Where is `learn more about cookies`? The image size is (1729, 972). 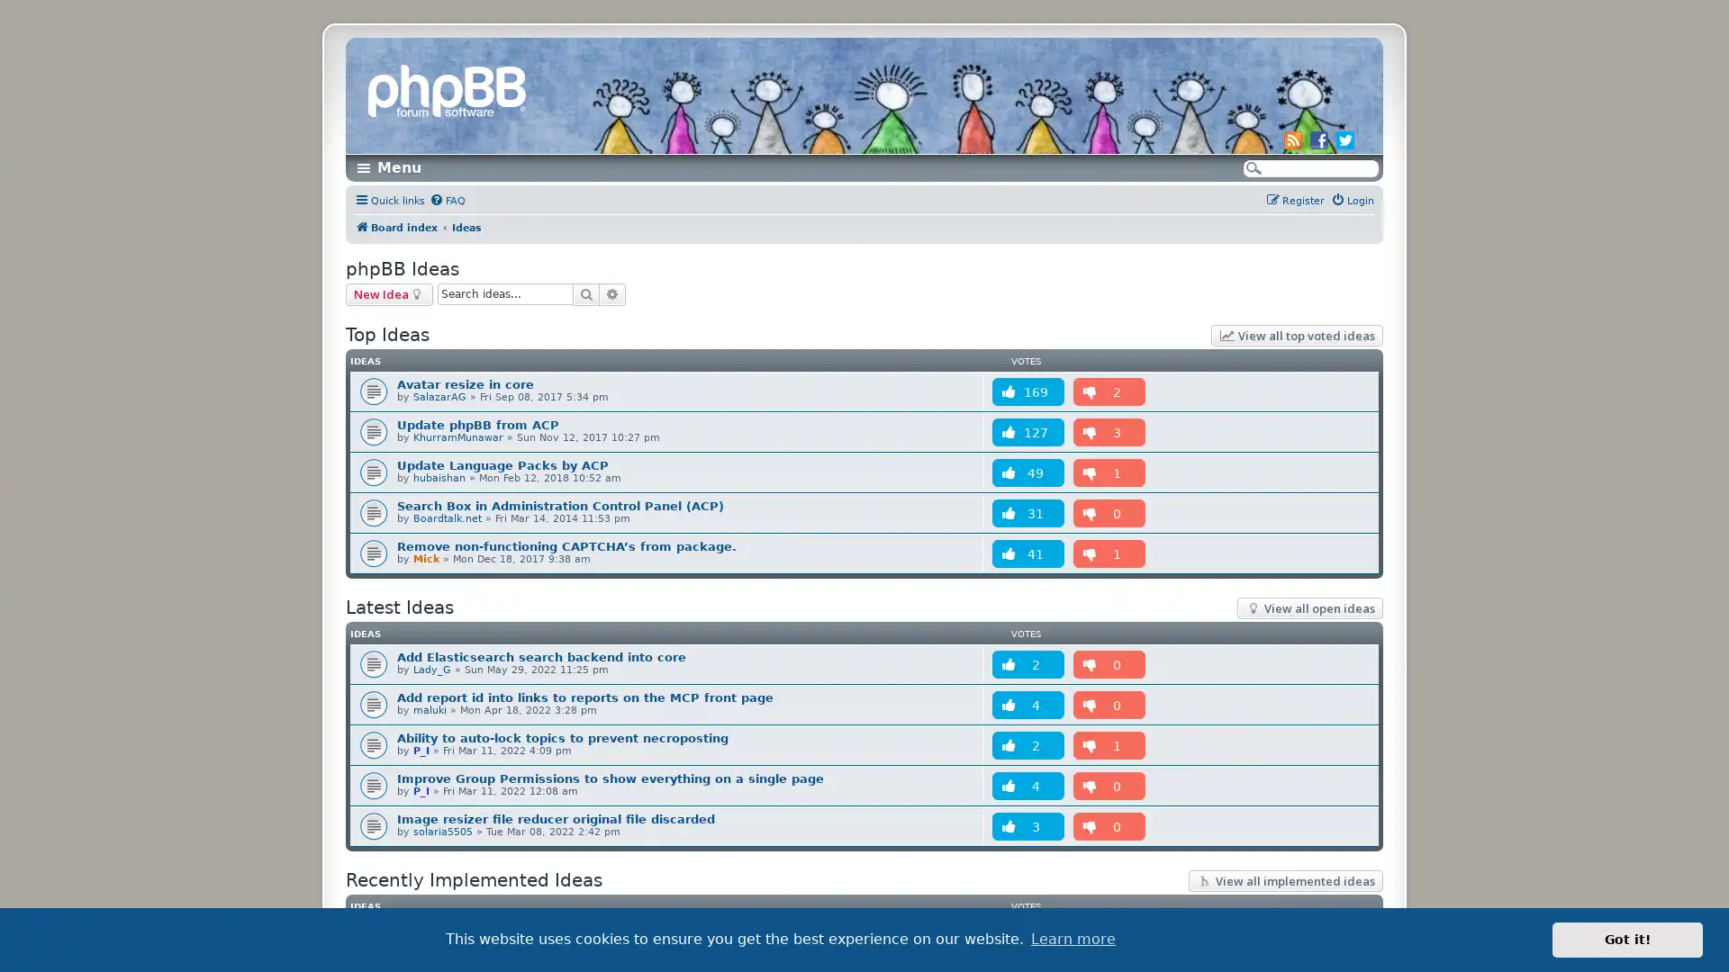
learn more about cookies is located at coordinates (1073, 939).